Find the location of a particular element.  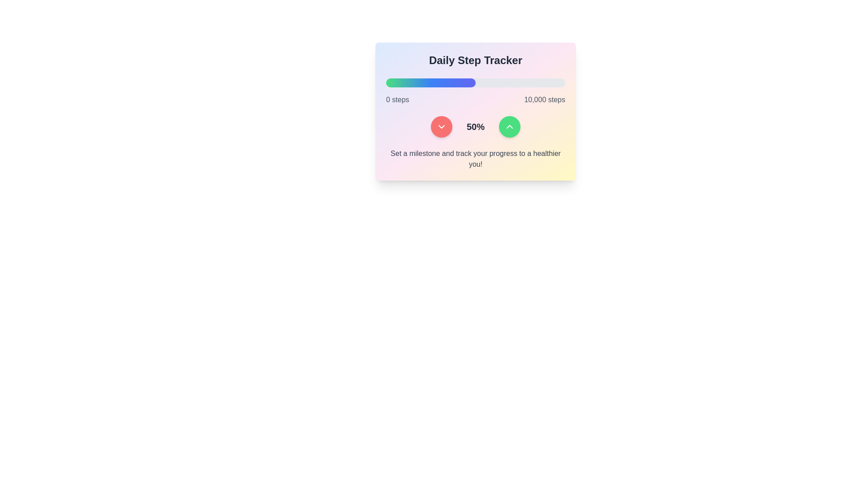

the circular green button with a white upward-pointing chevron icon is located at coordinates (509, 126).